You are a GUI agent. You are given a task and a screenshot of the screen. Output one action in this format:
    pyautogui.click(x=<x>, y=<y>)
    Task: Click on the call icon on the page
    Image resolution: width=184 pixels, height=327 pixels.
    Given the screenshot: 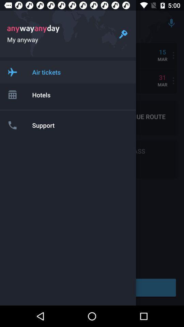 What is the action you would take?
    pyautogui.click(x=12, y=125)
    